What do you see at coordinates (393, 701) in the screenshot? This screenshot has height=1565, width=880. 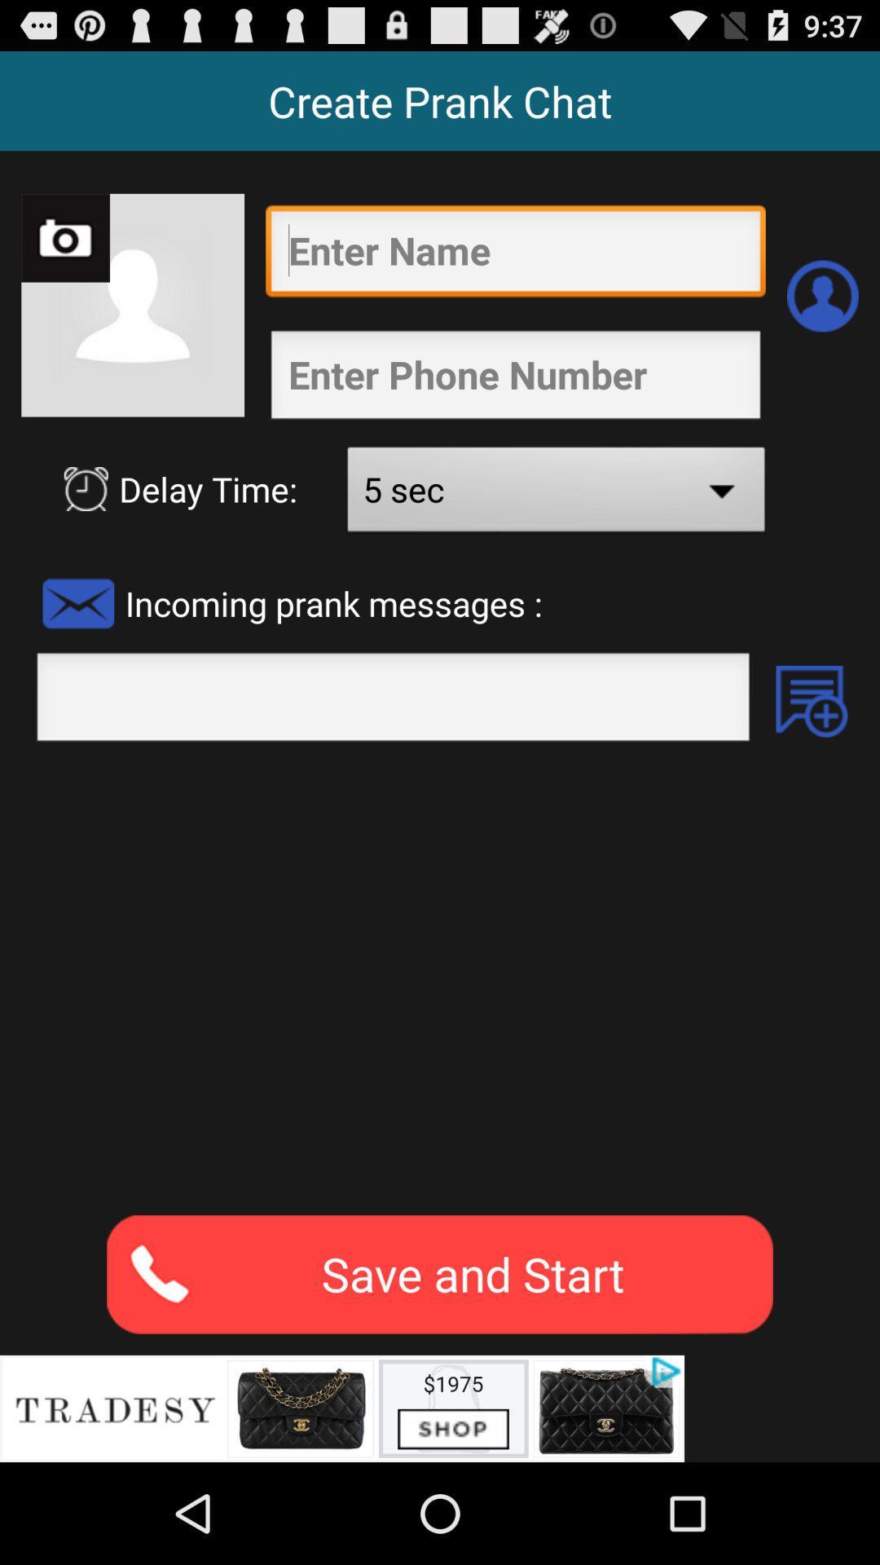 I see `type text` at bounding box center [393, 701].